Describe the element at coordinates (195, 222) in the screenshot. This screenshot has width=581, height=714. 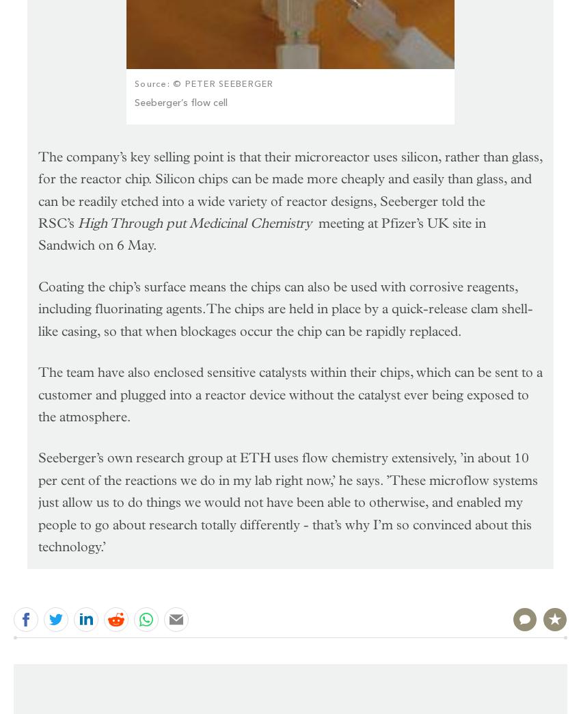
I see `'High Through put Medicinal Chemistry'` at that location.